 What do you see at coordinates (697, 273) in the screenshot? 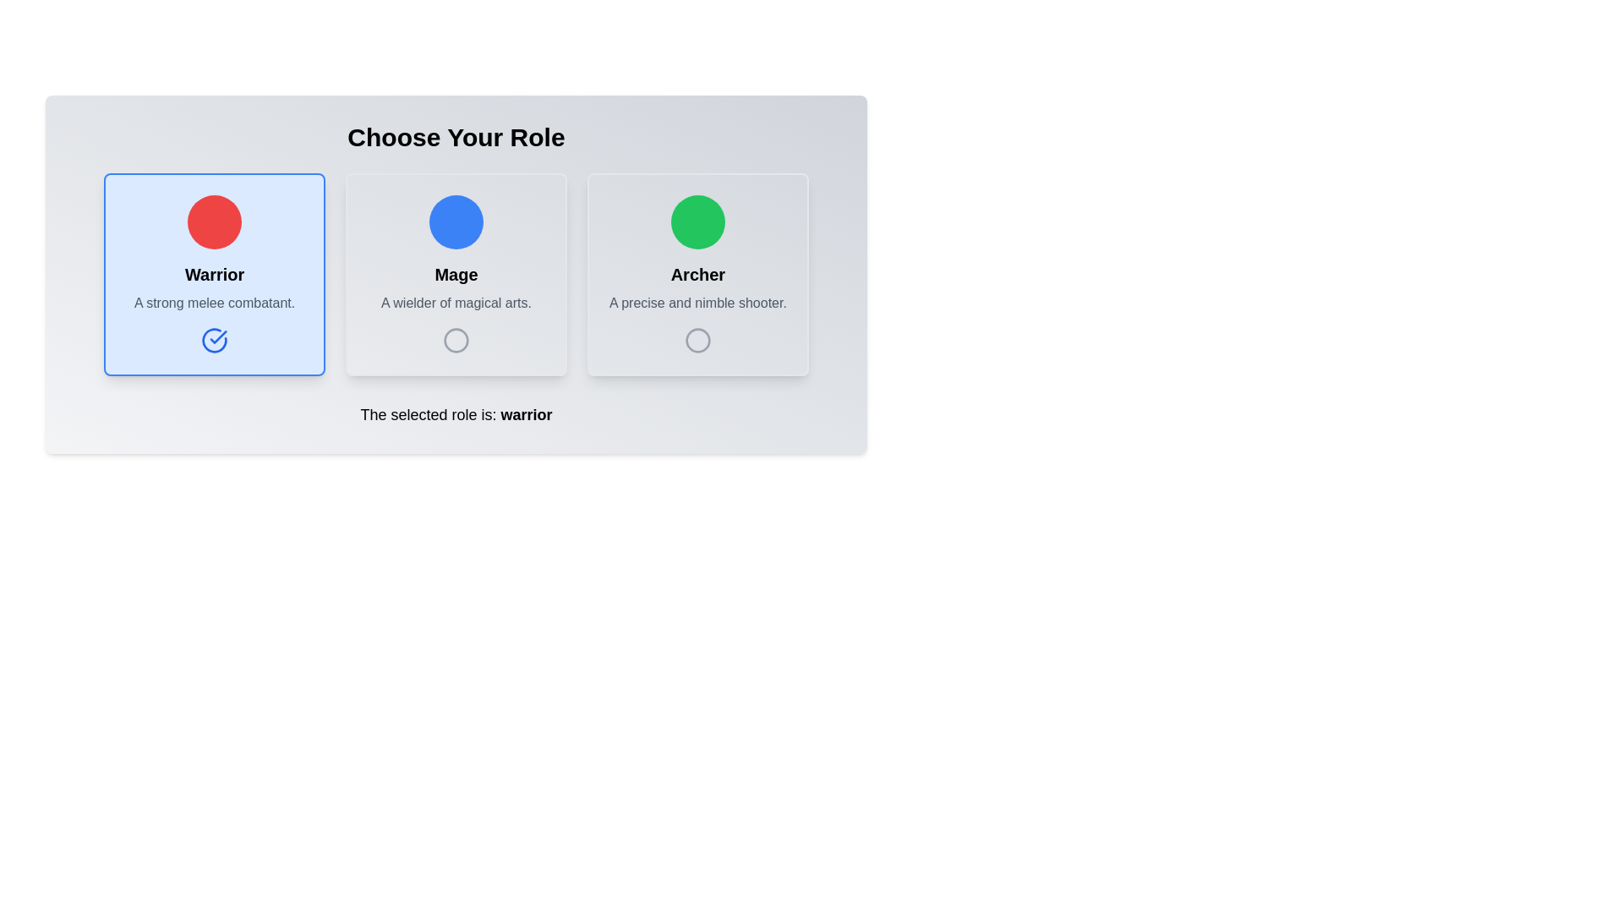
I see `the third card-like selectable option titled 'Archer', which features a prominent circular green icon at the top, to trigger a visual effect` at bounding box center [697, 273].